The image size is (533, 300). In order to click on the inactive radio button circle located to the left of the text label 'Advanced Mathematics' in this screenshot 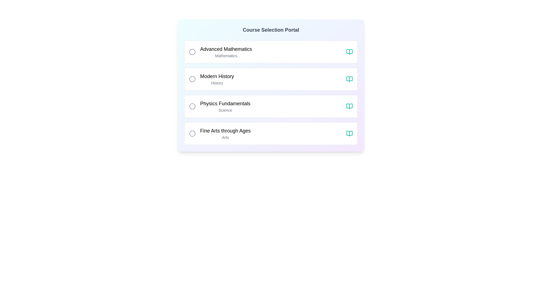, I will do `click(192, 52)`.